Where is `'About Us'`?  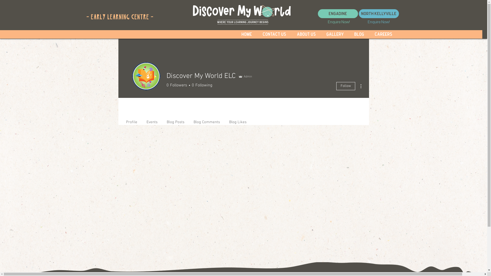 'About Us' is located at coordinates (306, 34).